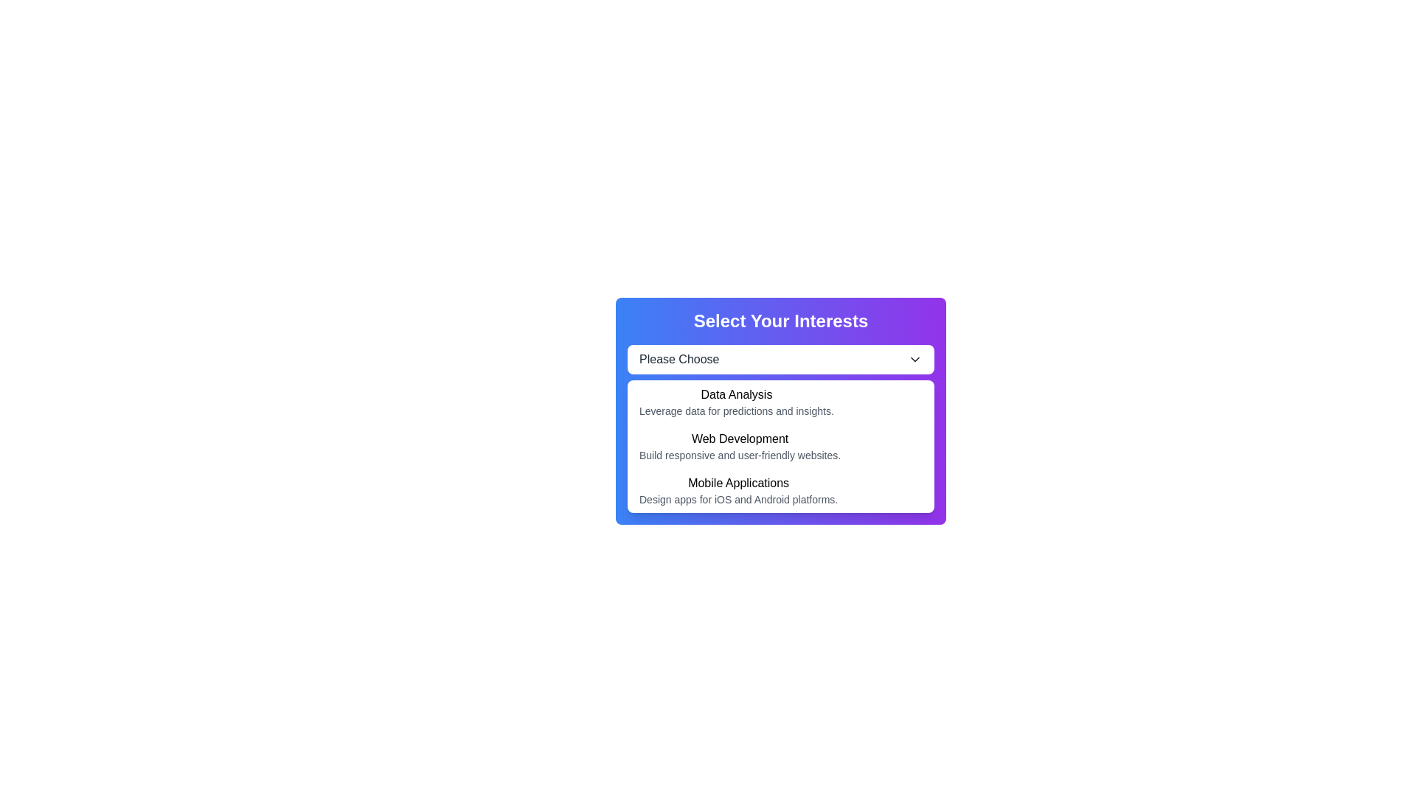 The image size is (1416, 796). What do you see at coordinates (780, 320) in the screenshot?
I see `the static title or heading text element located at the top of the card-like section, which indicates the purpose for users to select their interests` at bounding box center [780, 320].